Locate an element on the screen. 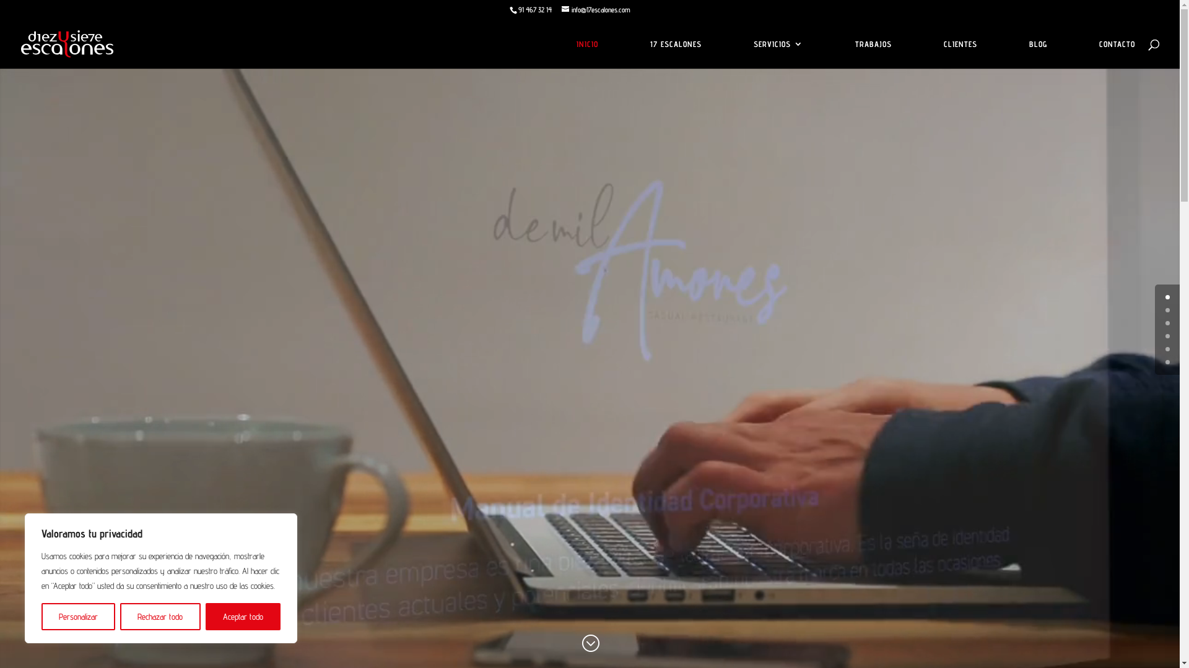 Image resolution: width=1189 pixels, height=668 pixels. 'BLOG' is located at coordinates (1038, 53).